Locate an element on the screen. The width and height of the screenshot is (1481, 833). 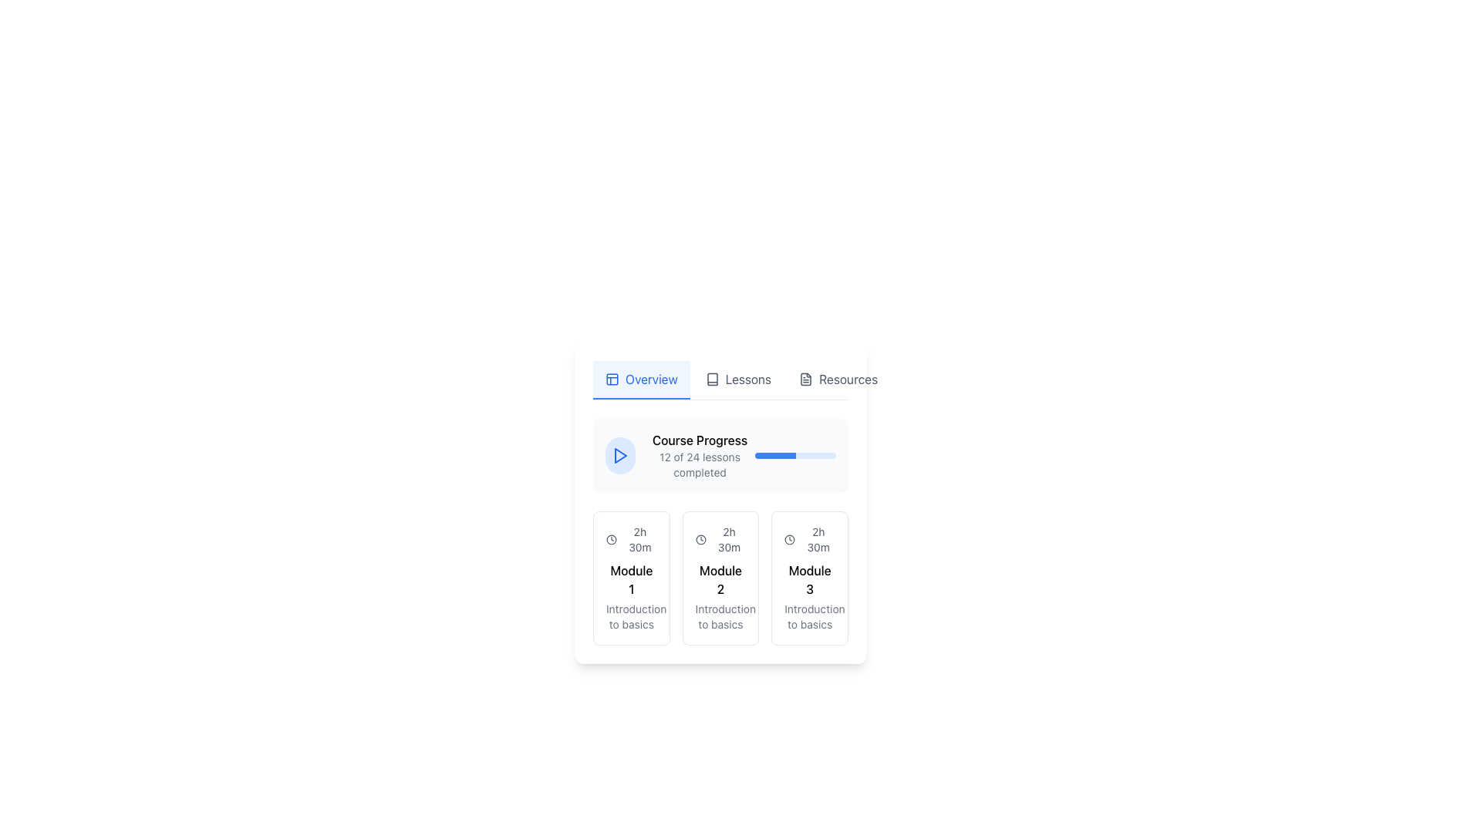
the 'Course Progress' text label, which is prominently displayed in bold within a card-like component, indicating its significance in the interface is located at coordinates (699, 440).